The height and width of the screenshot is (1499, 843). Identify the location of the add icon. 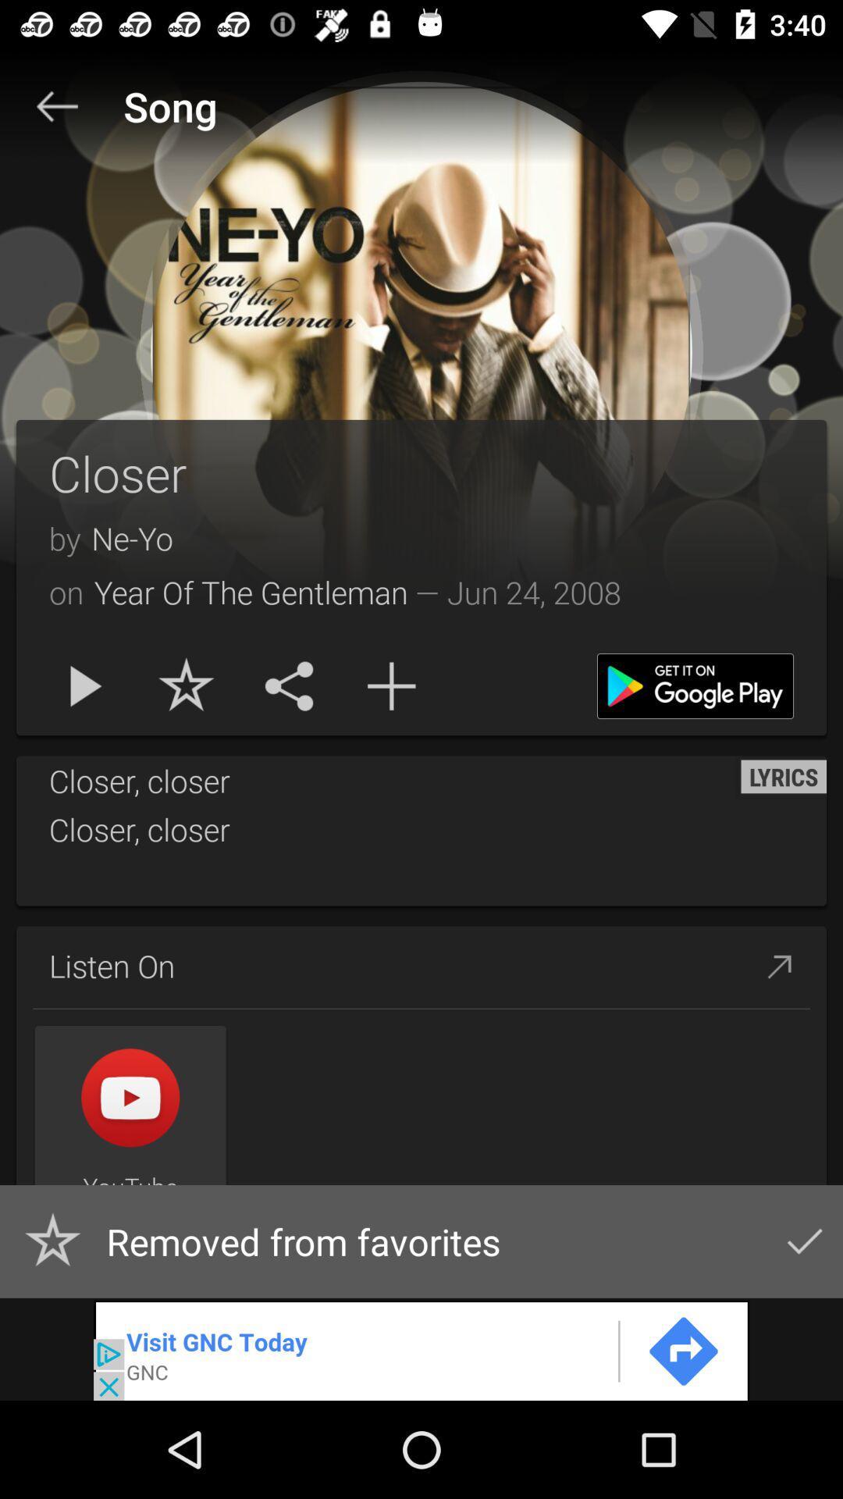
(390, 685).